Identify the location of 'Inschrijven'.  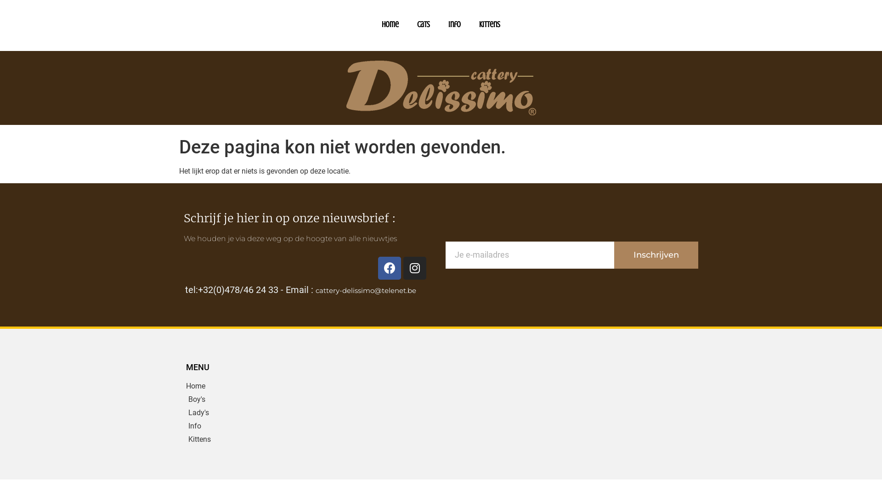
(656, 255).